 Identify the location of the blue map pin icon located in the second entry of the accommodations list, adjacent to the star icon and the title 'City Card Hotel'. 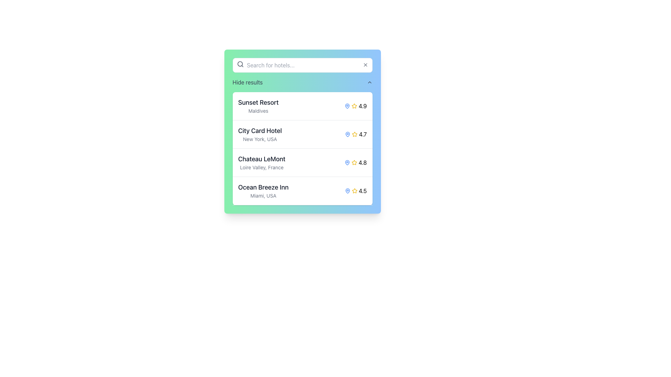
(348, 134).